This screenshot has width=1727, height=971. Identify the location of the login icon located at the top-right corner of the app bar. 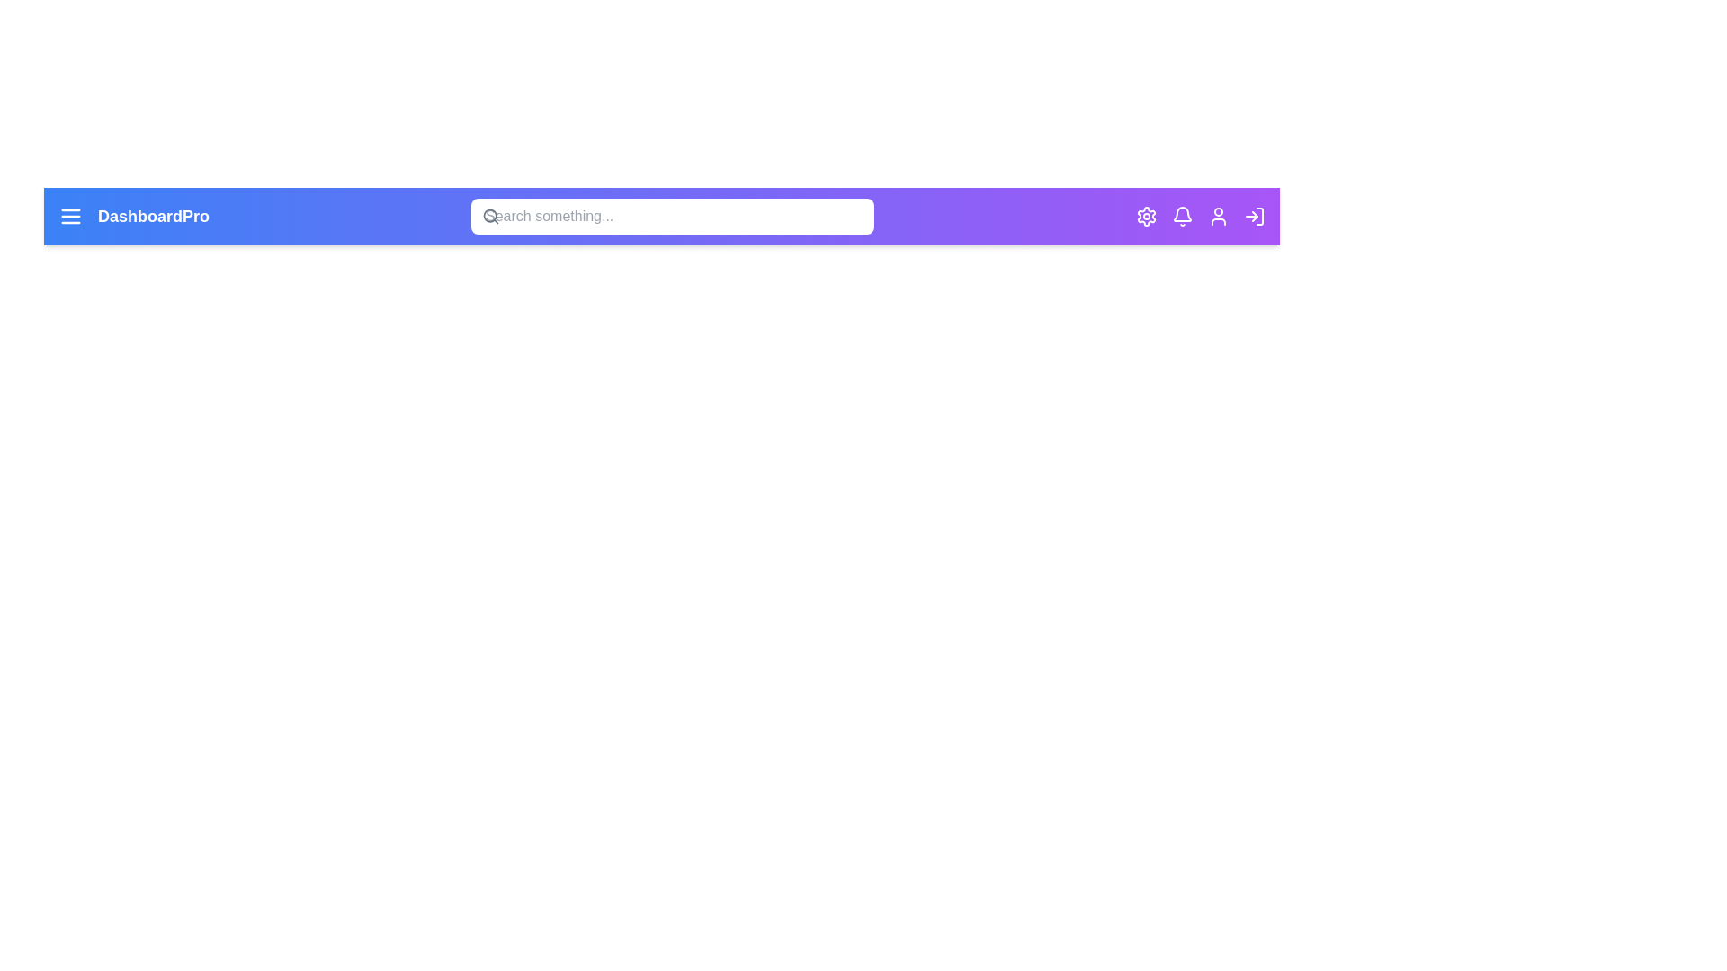
(1254, 215).